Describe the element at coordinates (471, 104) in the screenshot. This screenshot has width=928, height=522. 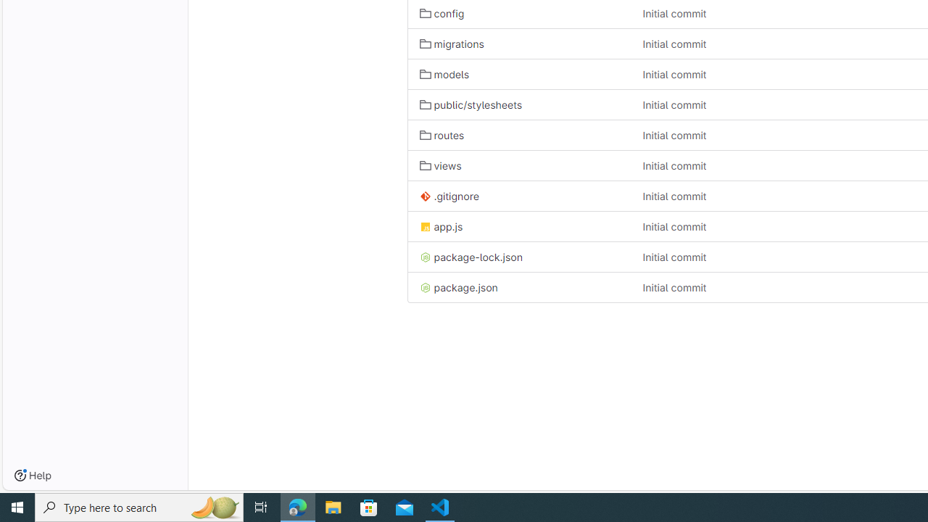
I see `'public/stylesheets'` at that location.